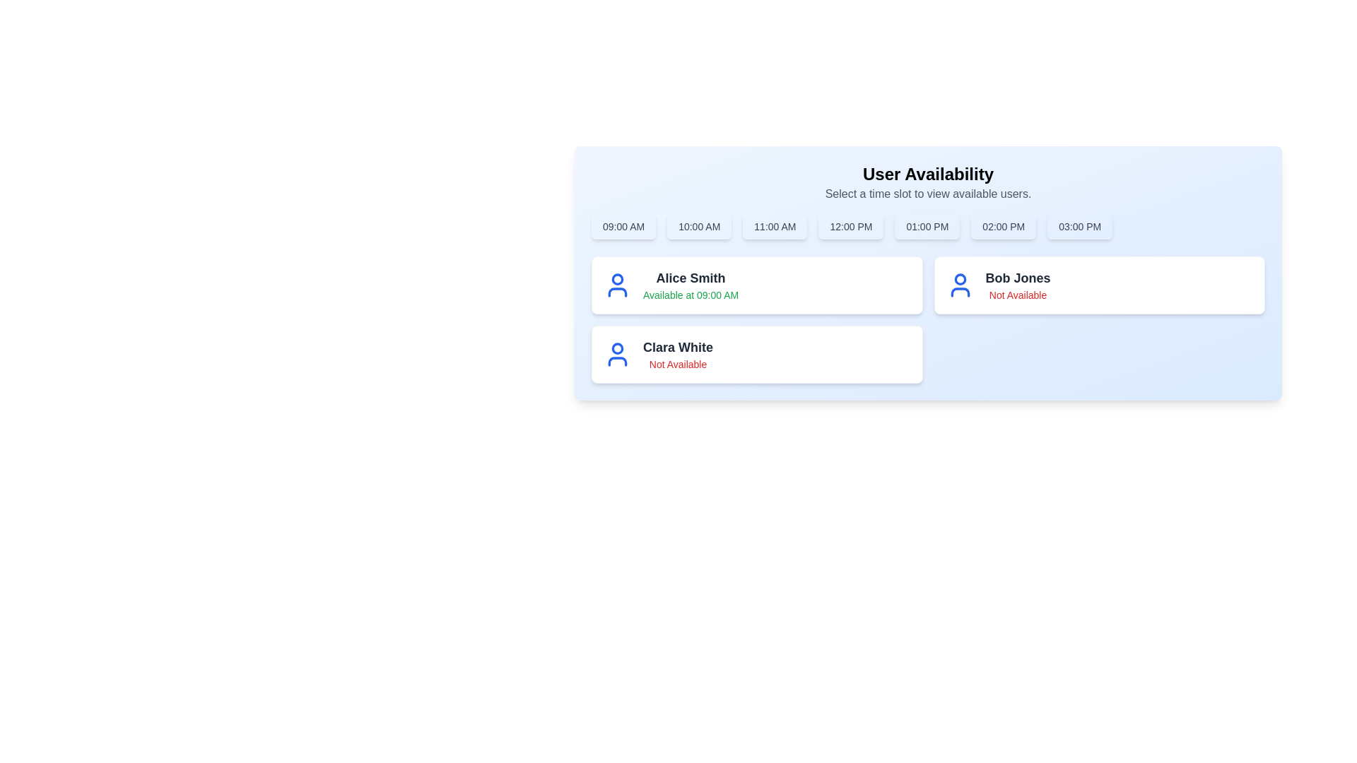  What do you see at coordinates (699, 225) in the screenshot?
I see `the '10:00 AM' time slot button located beneath the title 'User Availability'` at bounding box center [699, 225].